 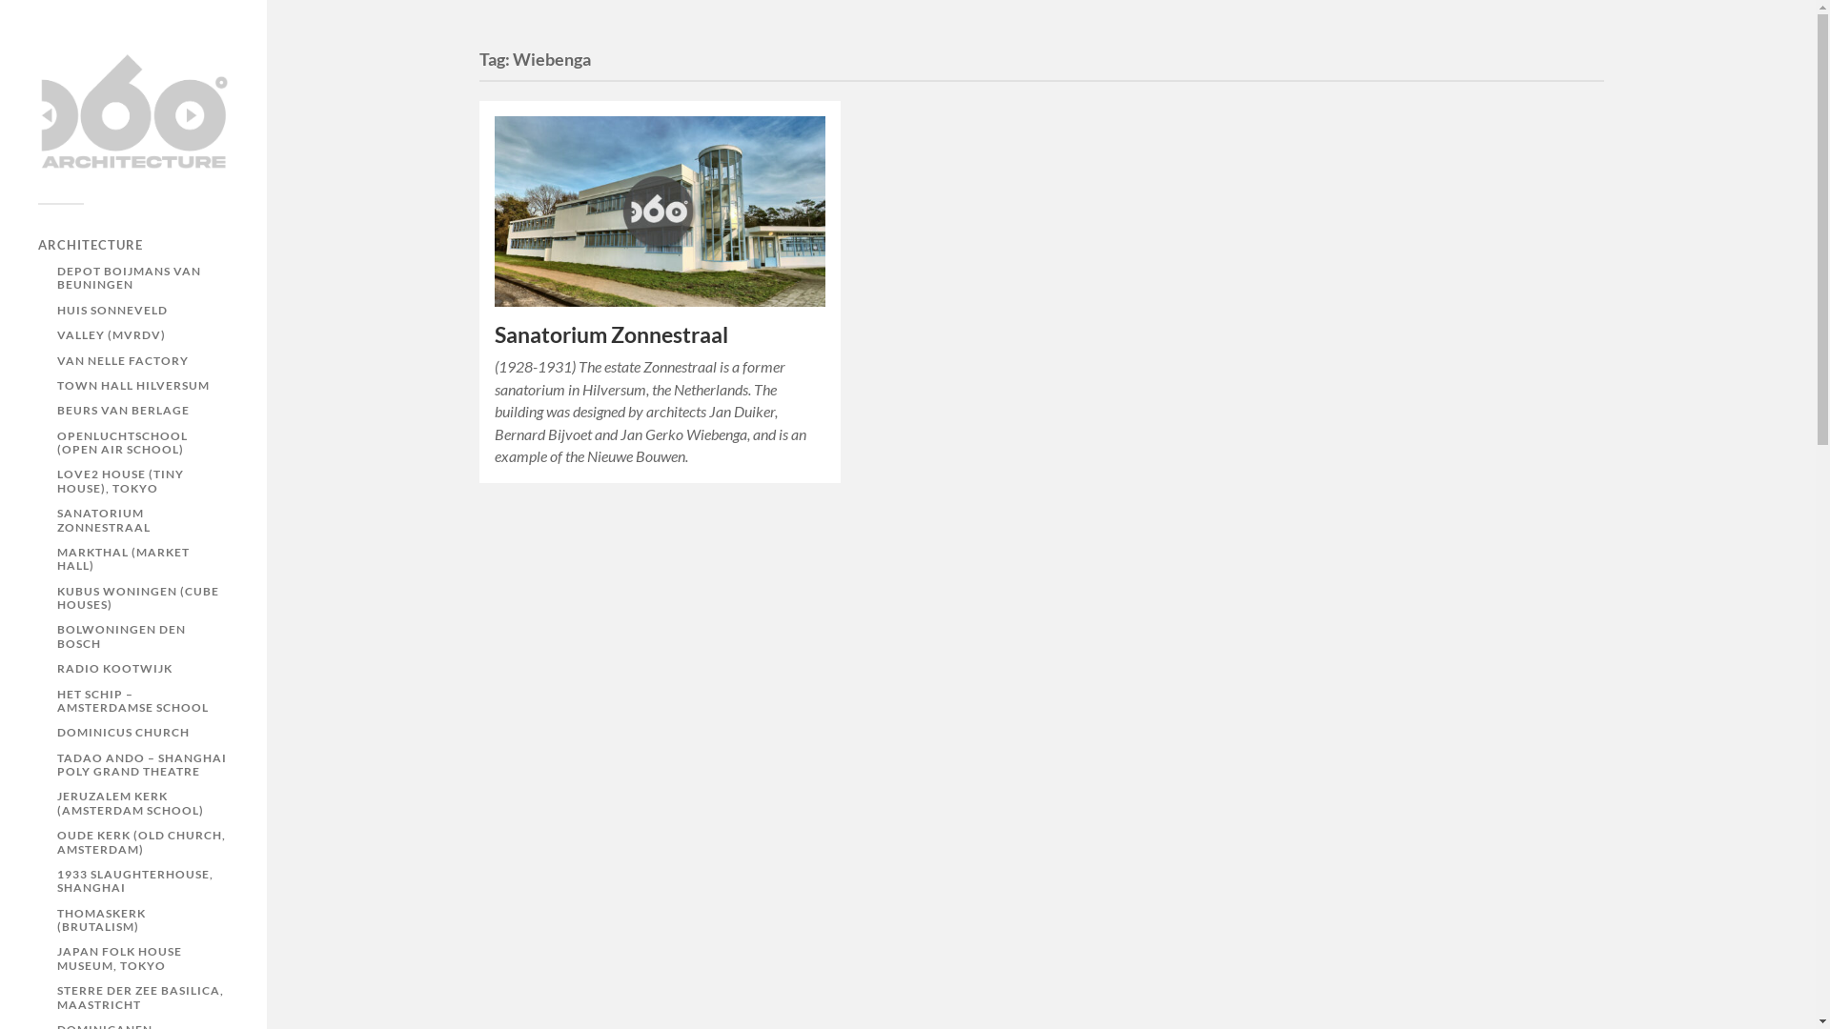 What do you see at coordinates (100, 918) in the screenshot?
I see `'THOMASKERK (BRUTALISM)'` at bounding box center [100, 918].